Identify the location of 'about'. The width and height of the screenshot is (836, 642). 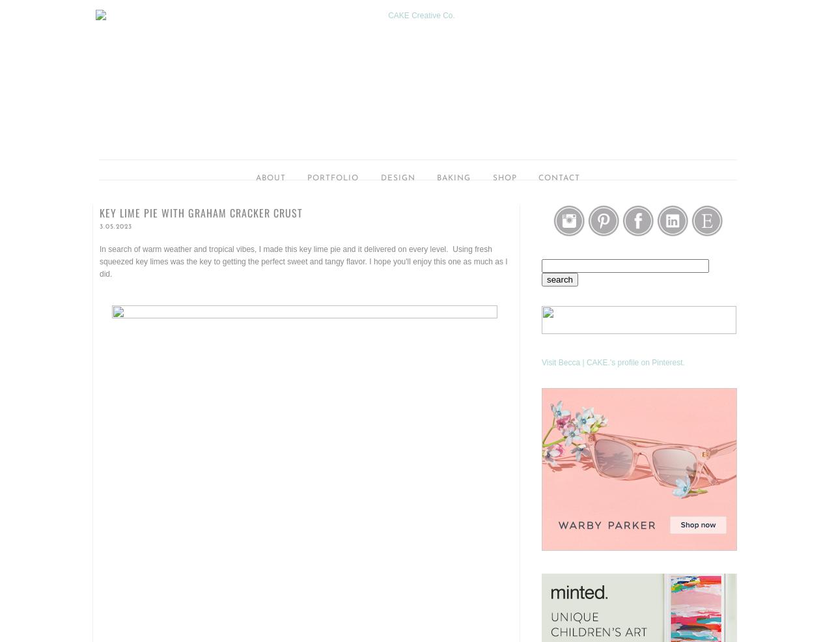
(271, 178).